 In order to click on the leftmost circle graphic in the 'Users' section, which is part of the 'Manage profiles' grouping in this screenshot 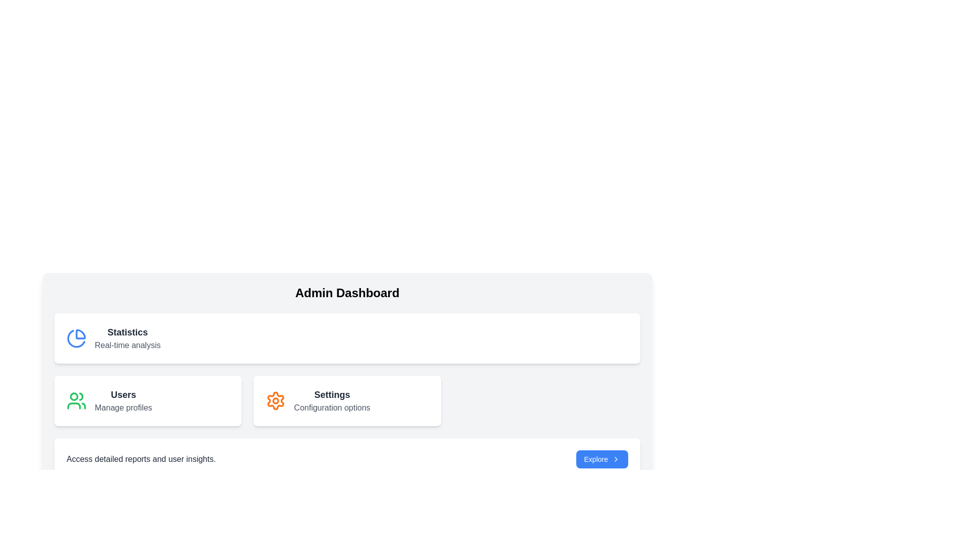, I will do `click(74, 395)`.